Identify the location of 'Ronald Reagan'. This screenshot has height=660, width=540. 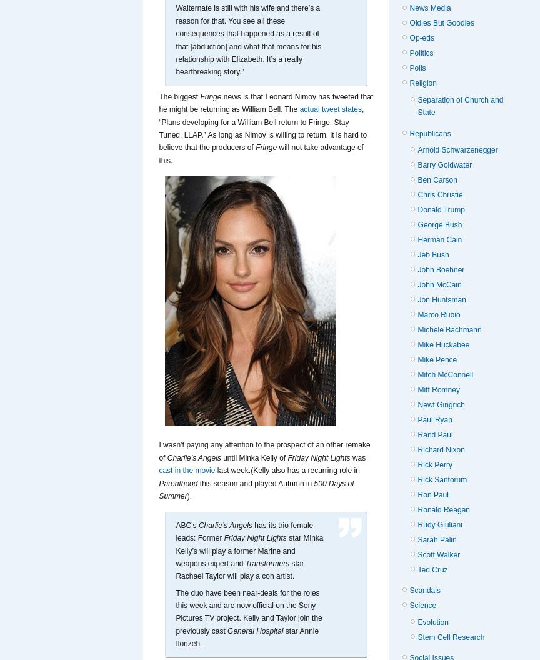
(444, 509).